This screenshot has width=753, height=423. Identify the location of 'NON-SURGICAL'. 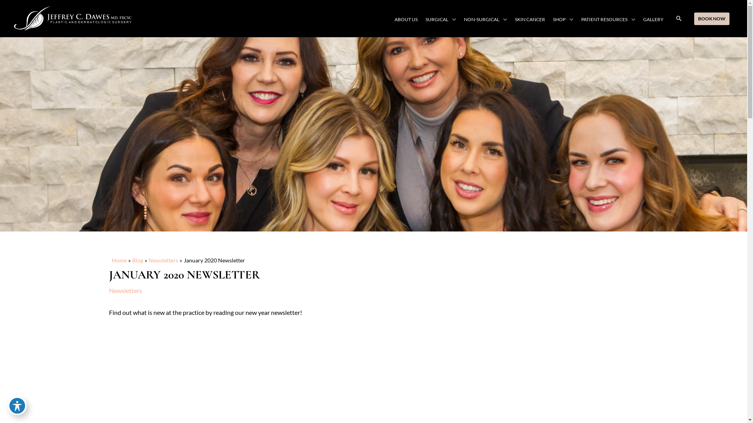
(485, 19).